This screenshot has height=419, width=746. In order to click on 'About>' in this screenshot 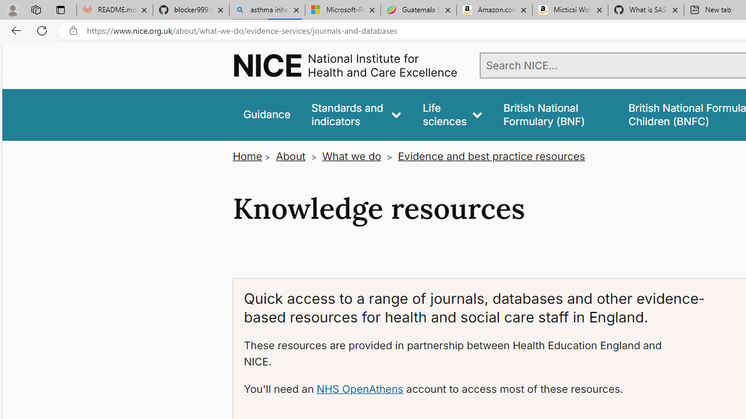, I will do `click(297, 156)`.